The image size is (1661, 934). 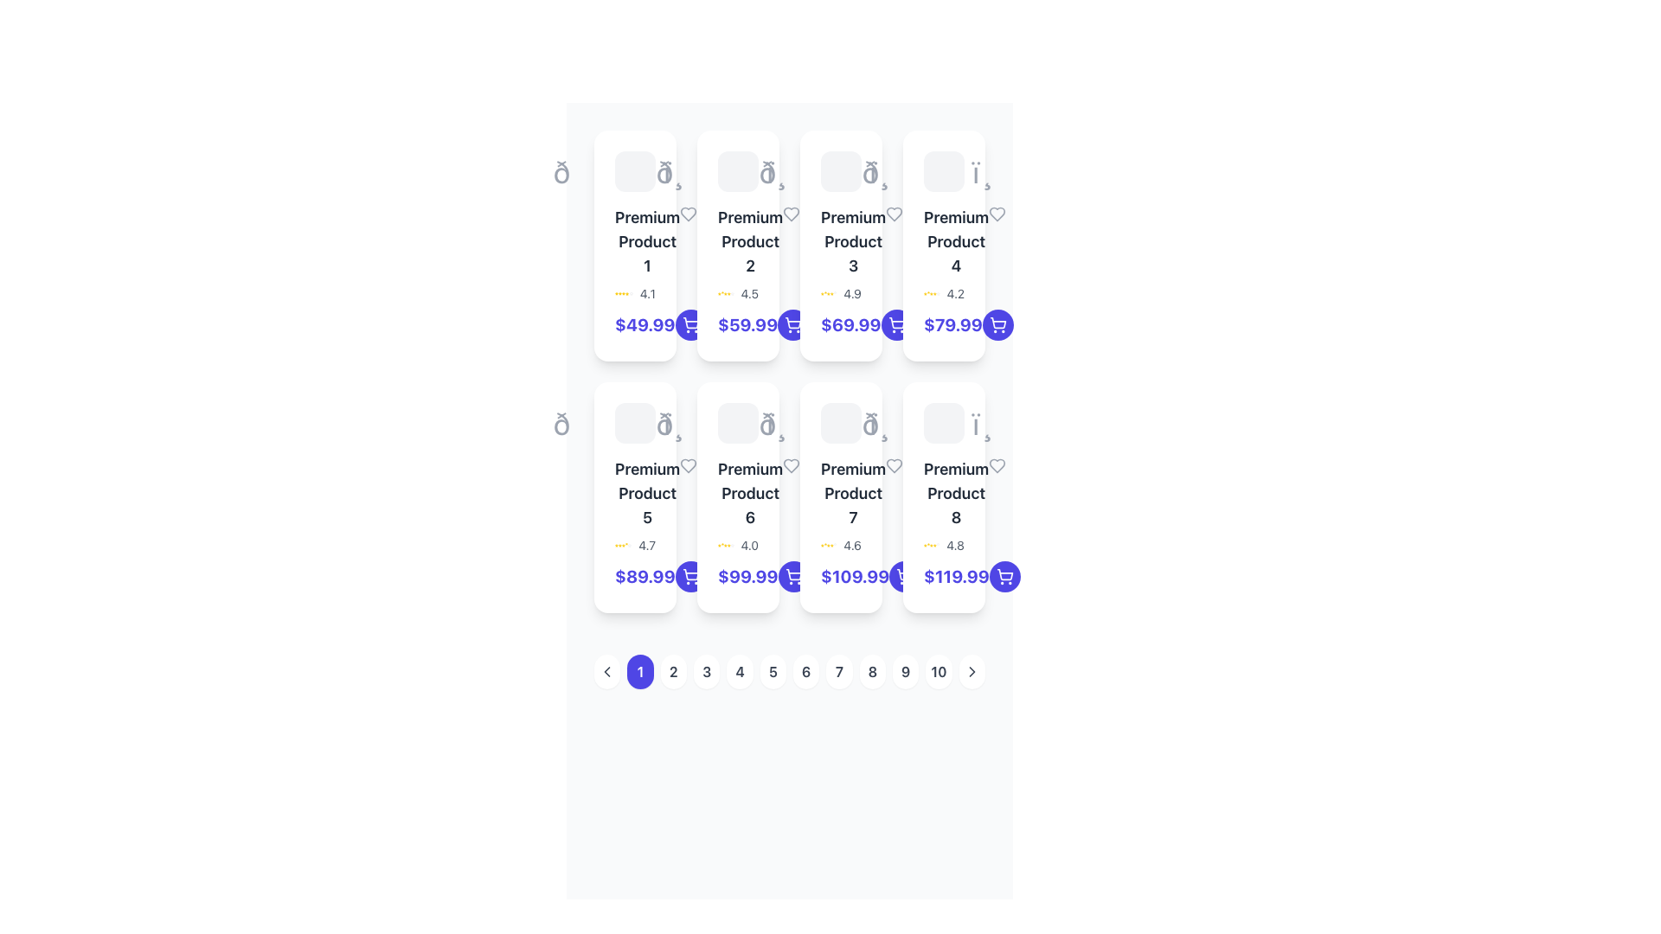 What do you see at coordinates (749, 292) in the screenshot?
I see `rating value from the text label located in the second product card of the top row, which is centrally aligned below the product's name and above its price label` at bounding box center [749, 292].